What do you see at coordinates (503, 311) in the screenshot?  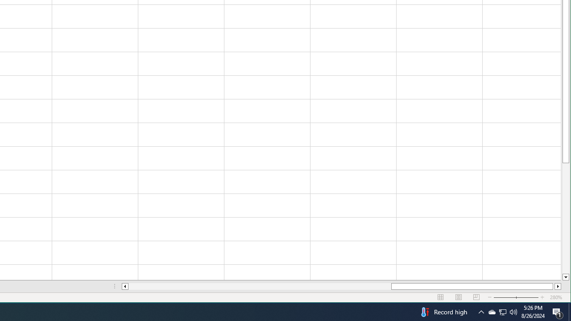 I see `'User Promoted Notification Area'` at bounding box center [503, 311].